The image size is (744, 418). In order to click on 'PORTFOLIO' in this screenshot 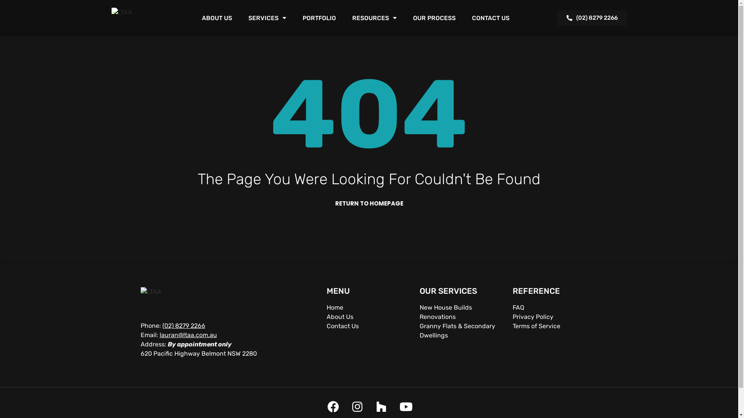, I will do `click(319, 17)`.